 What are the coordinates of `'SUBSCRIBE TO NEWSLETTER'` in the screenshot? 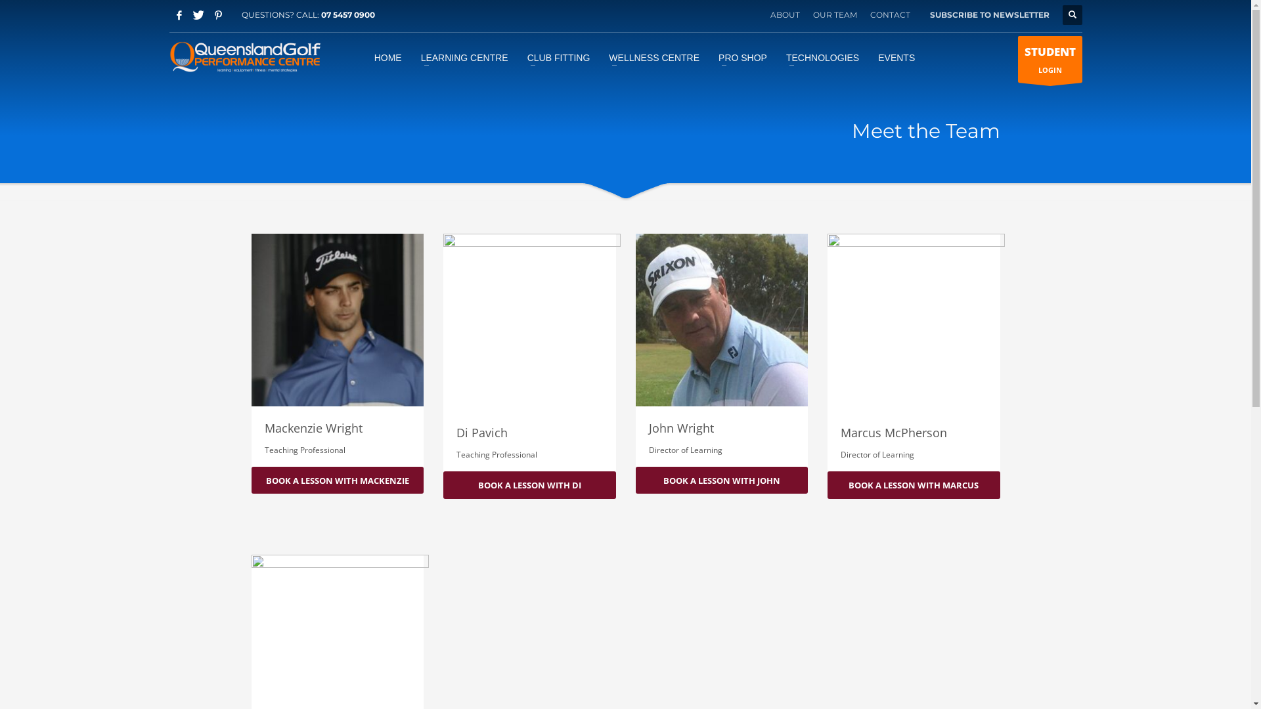 It's located at (990, 15).